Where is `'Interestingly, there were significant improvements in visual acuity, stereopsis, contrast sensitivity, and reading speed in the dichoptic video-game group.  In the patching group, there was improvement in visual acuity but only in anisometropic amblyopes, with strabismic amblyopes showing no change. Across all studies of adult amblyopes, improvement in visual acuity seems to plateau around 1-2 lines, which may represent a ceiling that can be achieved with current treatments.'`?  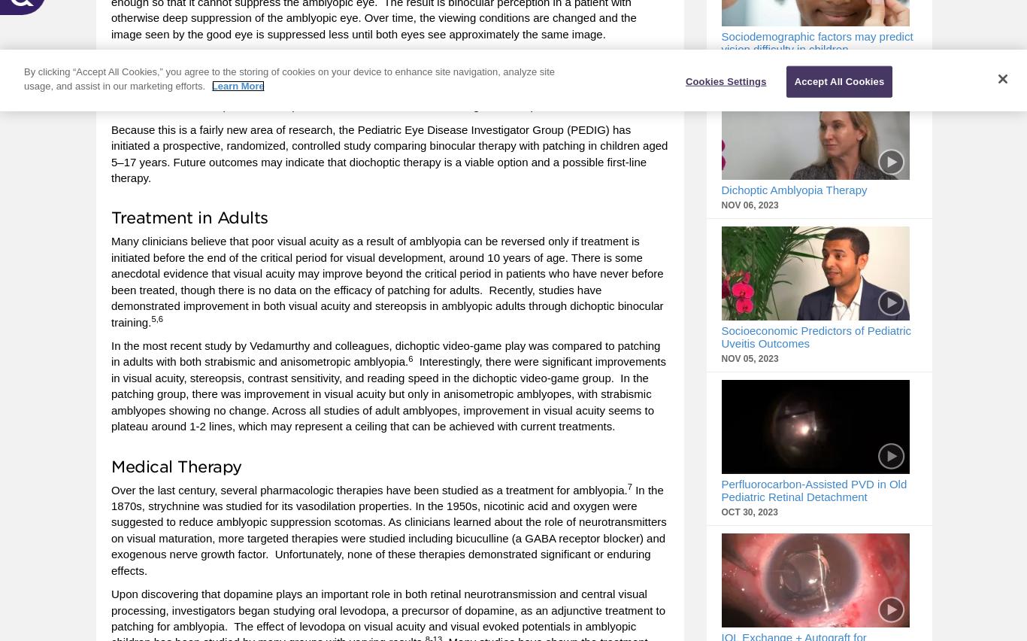
'Interestingly, there were significant improvements in visual acuity, stereopsis, contrast sensitivity, and reading speed in the dichoptic video-game group.  In the patching group, there was improvement in visual acuity but only in anisometropic amblyopes, with strabismic amblyopes showing no change. Across all studies of adult amblyopes, improvement in visual acuity seems to plateau around 1-2 lines, which may represent a ceiling that can be achieved with current treatments.' is located at coordinates (389, 393).